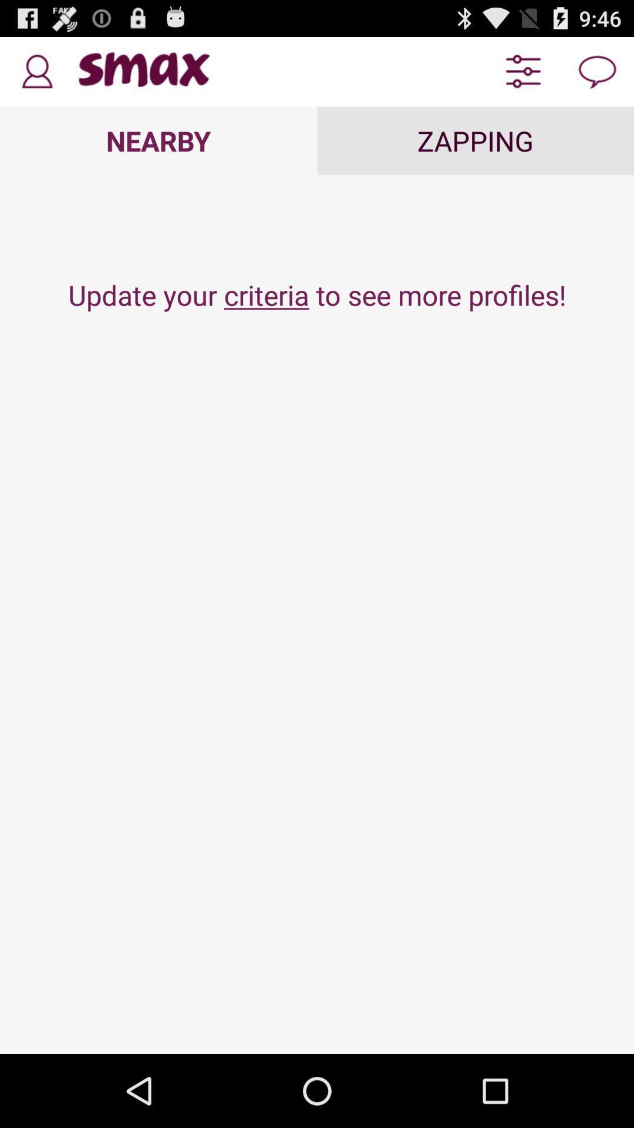 The image size is (634, 1128). I want to click on the avatar icon, so click(36, 76).